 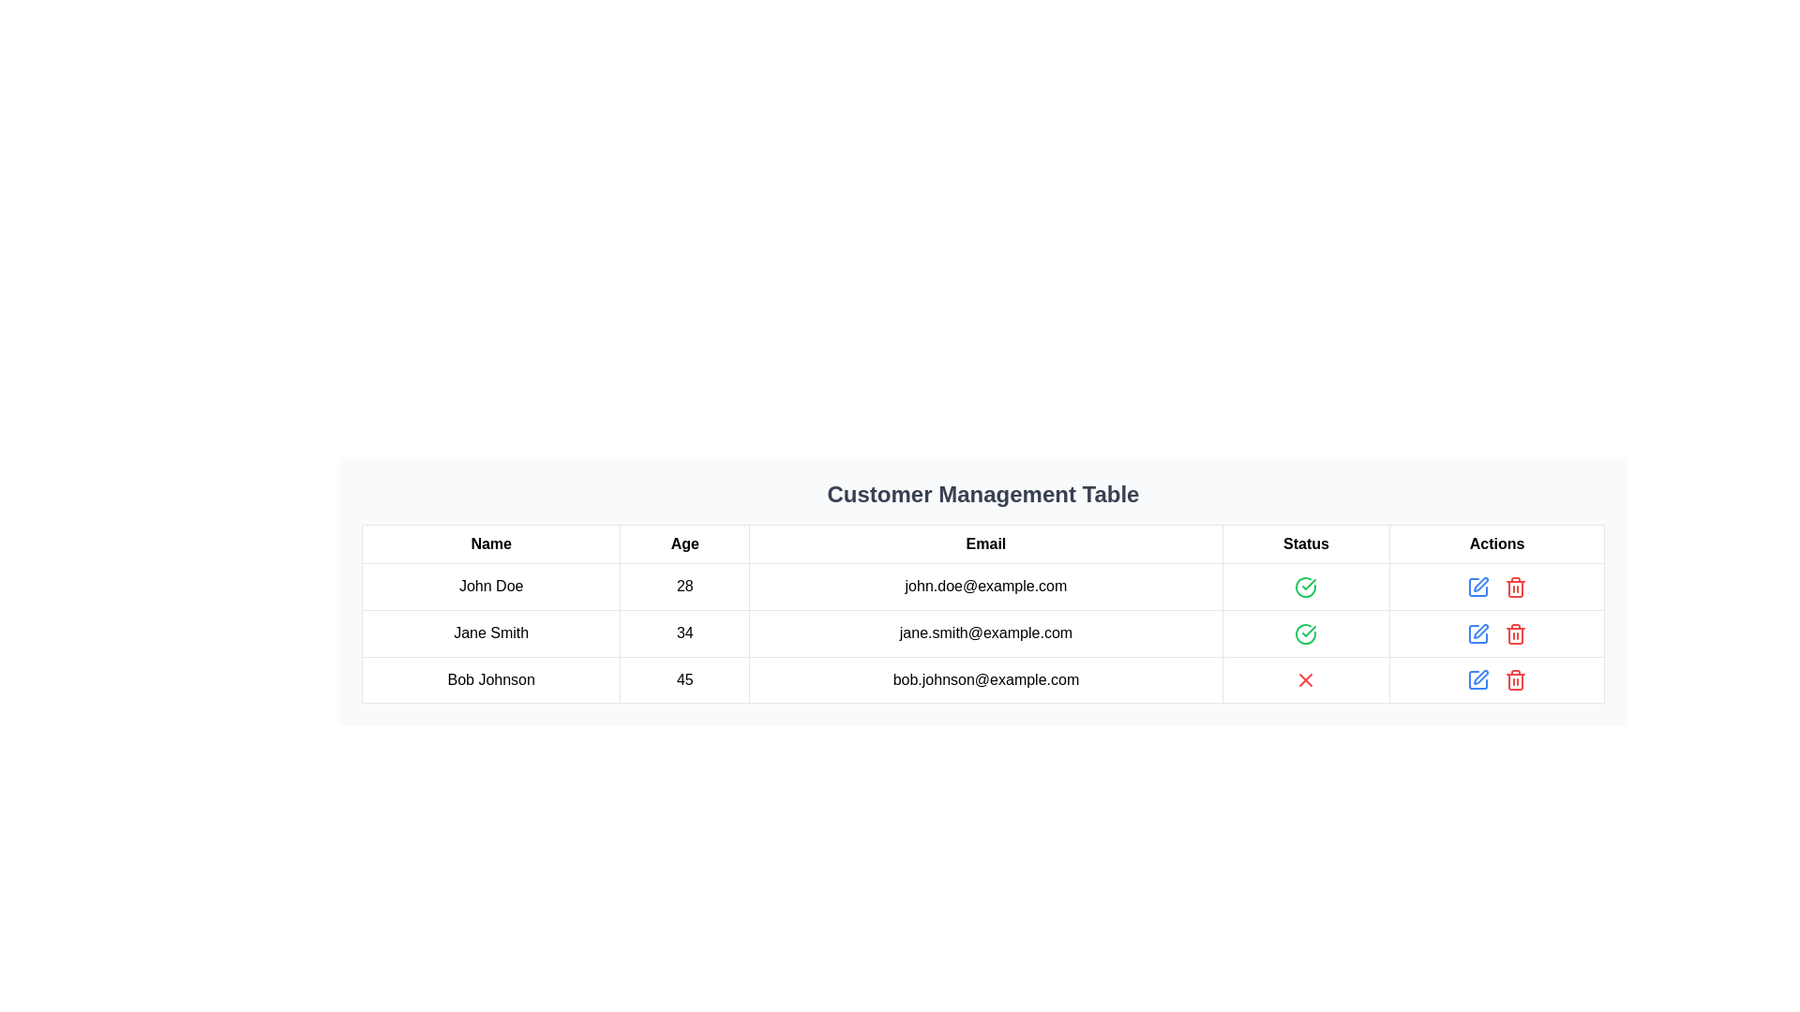 What do you see at coordinates (1496, 544) in the screenshot?
I see `the Table Header Cell labeled 'Actions', which is the rightmost column header in the table` at bounding box center [1496, 544].